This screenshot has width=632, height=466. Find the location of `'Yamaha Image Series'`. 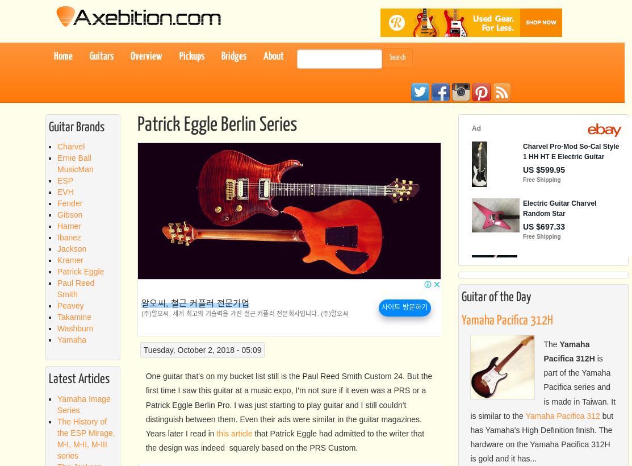

'Yamaha Image Series' is located at coordinates (83, 404).